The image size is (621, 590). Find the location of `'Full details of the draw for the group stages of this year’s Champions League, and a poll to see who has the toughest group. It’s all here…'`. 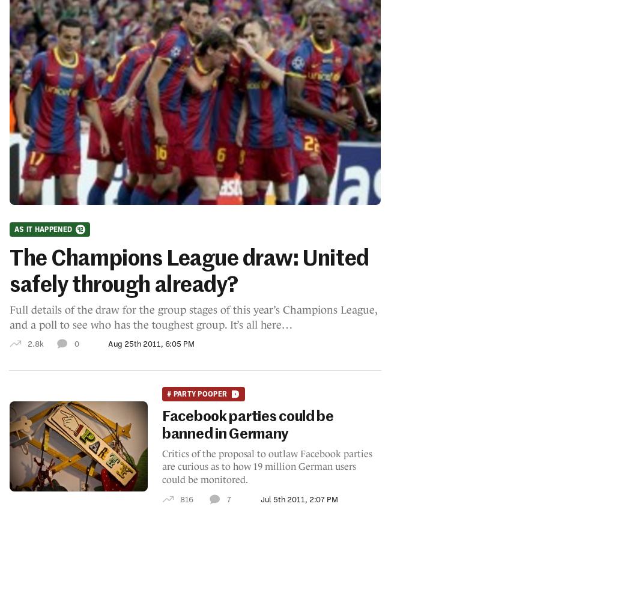

'Full details of the draw for the group stages of this year’s Champions League, and a poll to see who has the toughest group. It’s all here…' is located at coordinates (192, 316).